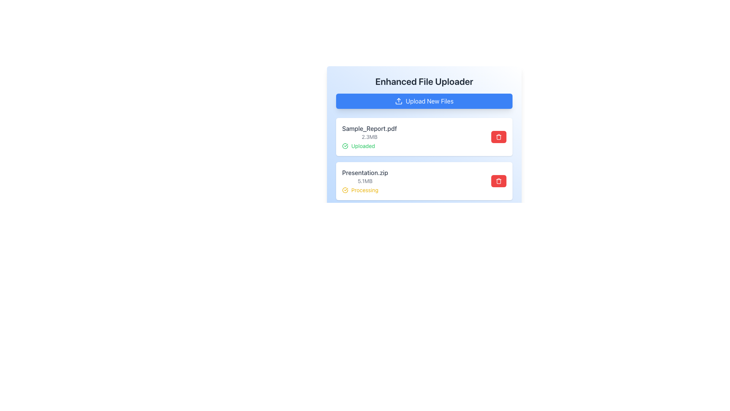  Describe the element at coordinates (498, 181) in the screenshot. I see `the trash bin icon button located at the far right end of the second file entry in the file uploader interface` at that location.